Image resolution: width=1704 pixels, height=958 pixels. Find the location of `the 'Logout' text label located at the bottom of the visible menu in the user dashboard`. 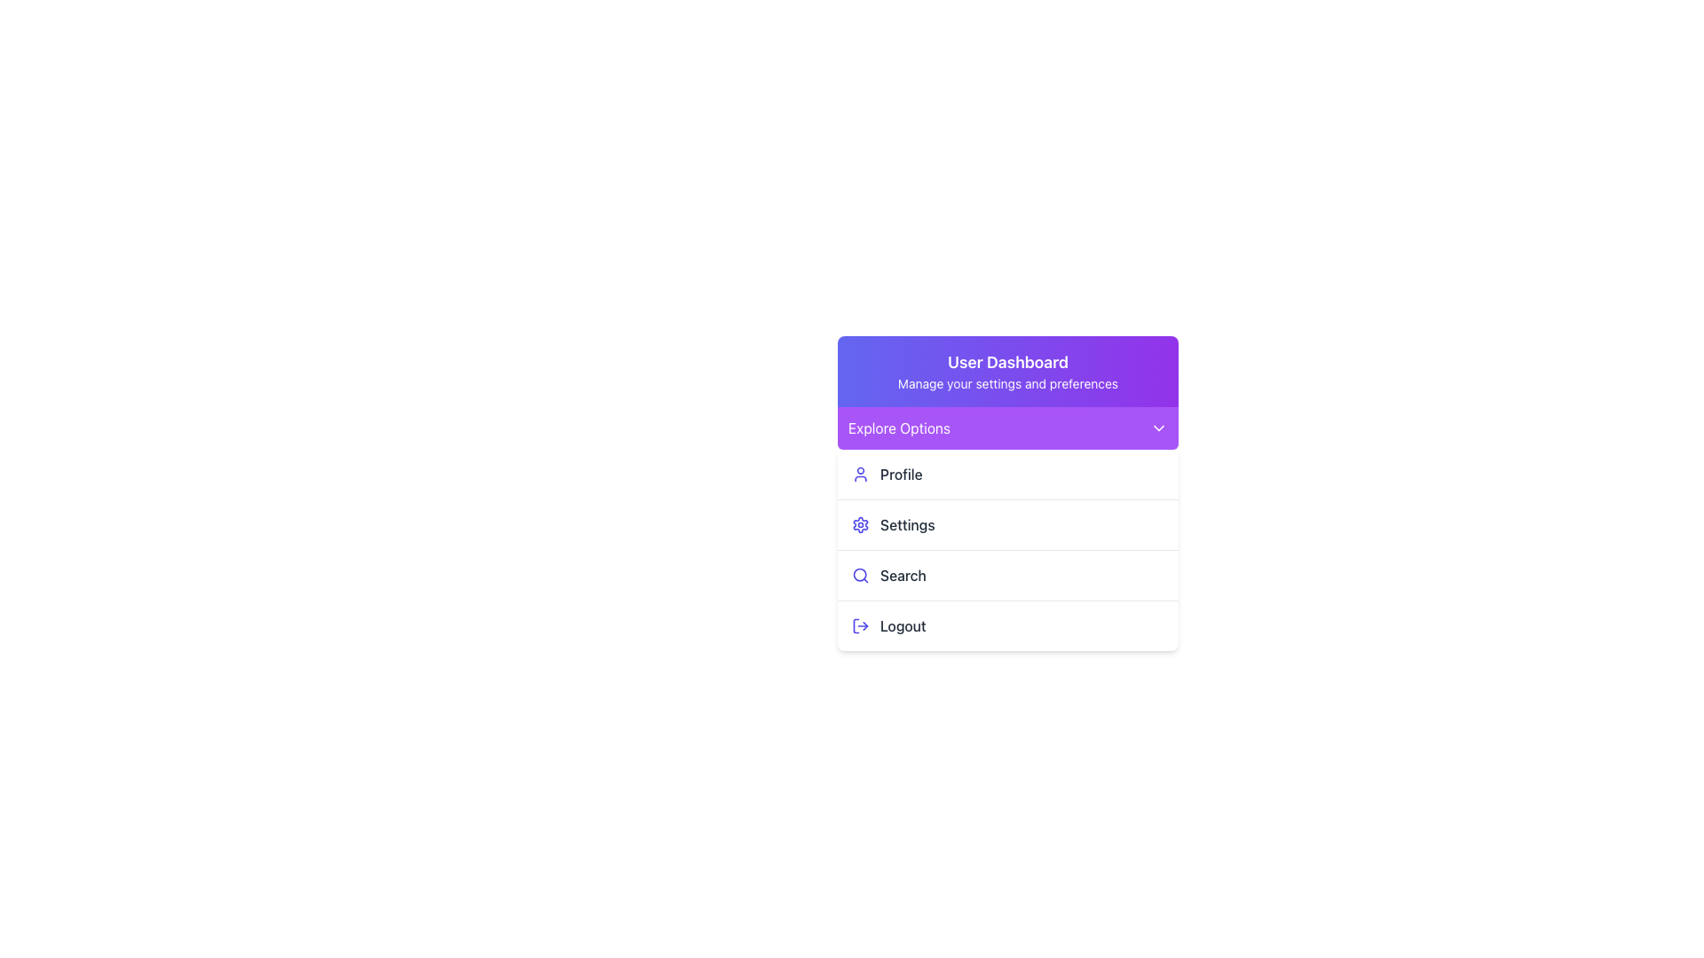

the 'Logout' text label located at the bottom of the visible menu in the user dashboard is located at coordinates (903, 624).